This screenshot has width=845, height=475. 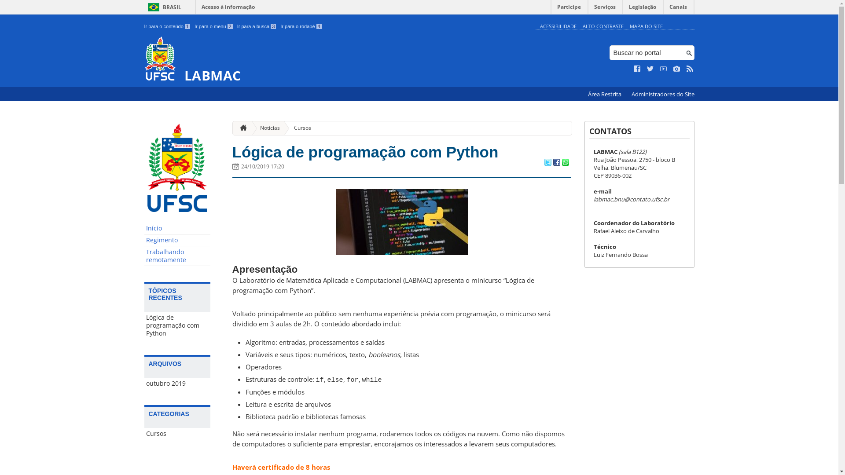 I want to click on 'Compartilhar no WhatsApp', so click(x=561, y=163).